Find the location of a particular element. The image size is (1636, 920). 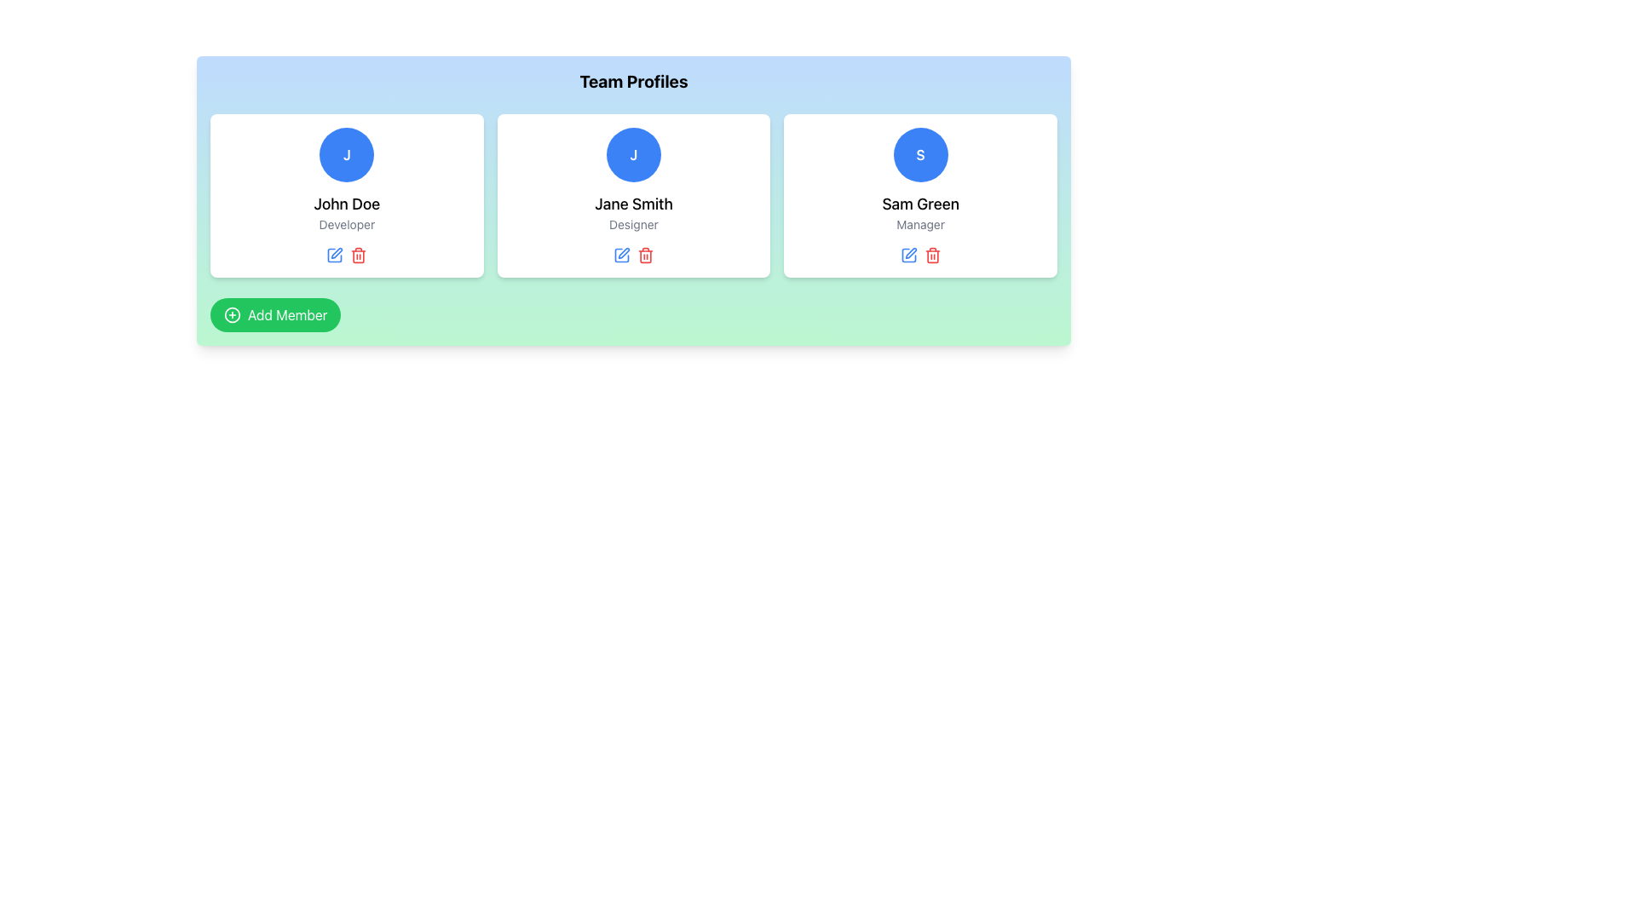

the static text block displaying the user's name and role, located in the leftmost card below the circular blue icon with a white 'J' is located at coordinates (346, 212).